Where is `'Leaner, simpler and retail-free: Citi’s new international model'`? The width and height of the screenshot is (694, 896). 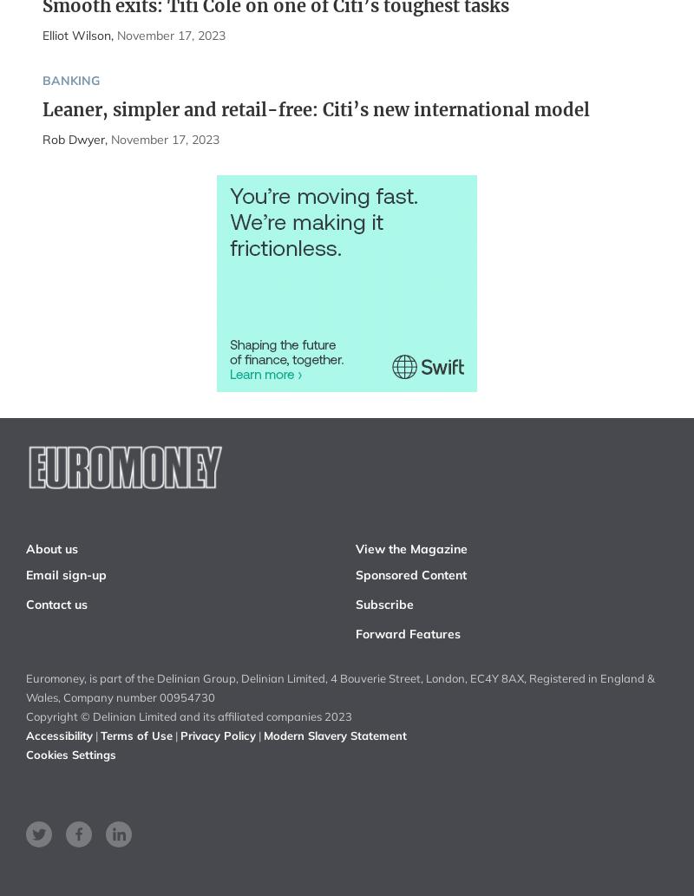 'Leaner, simpler and retail-free: Citi’s new international model' is located at coordinates (315, 108).